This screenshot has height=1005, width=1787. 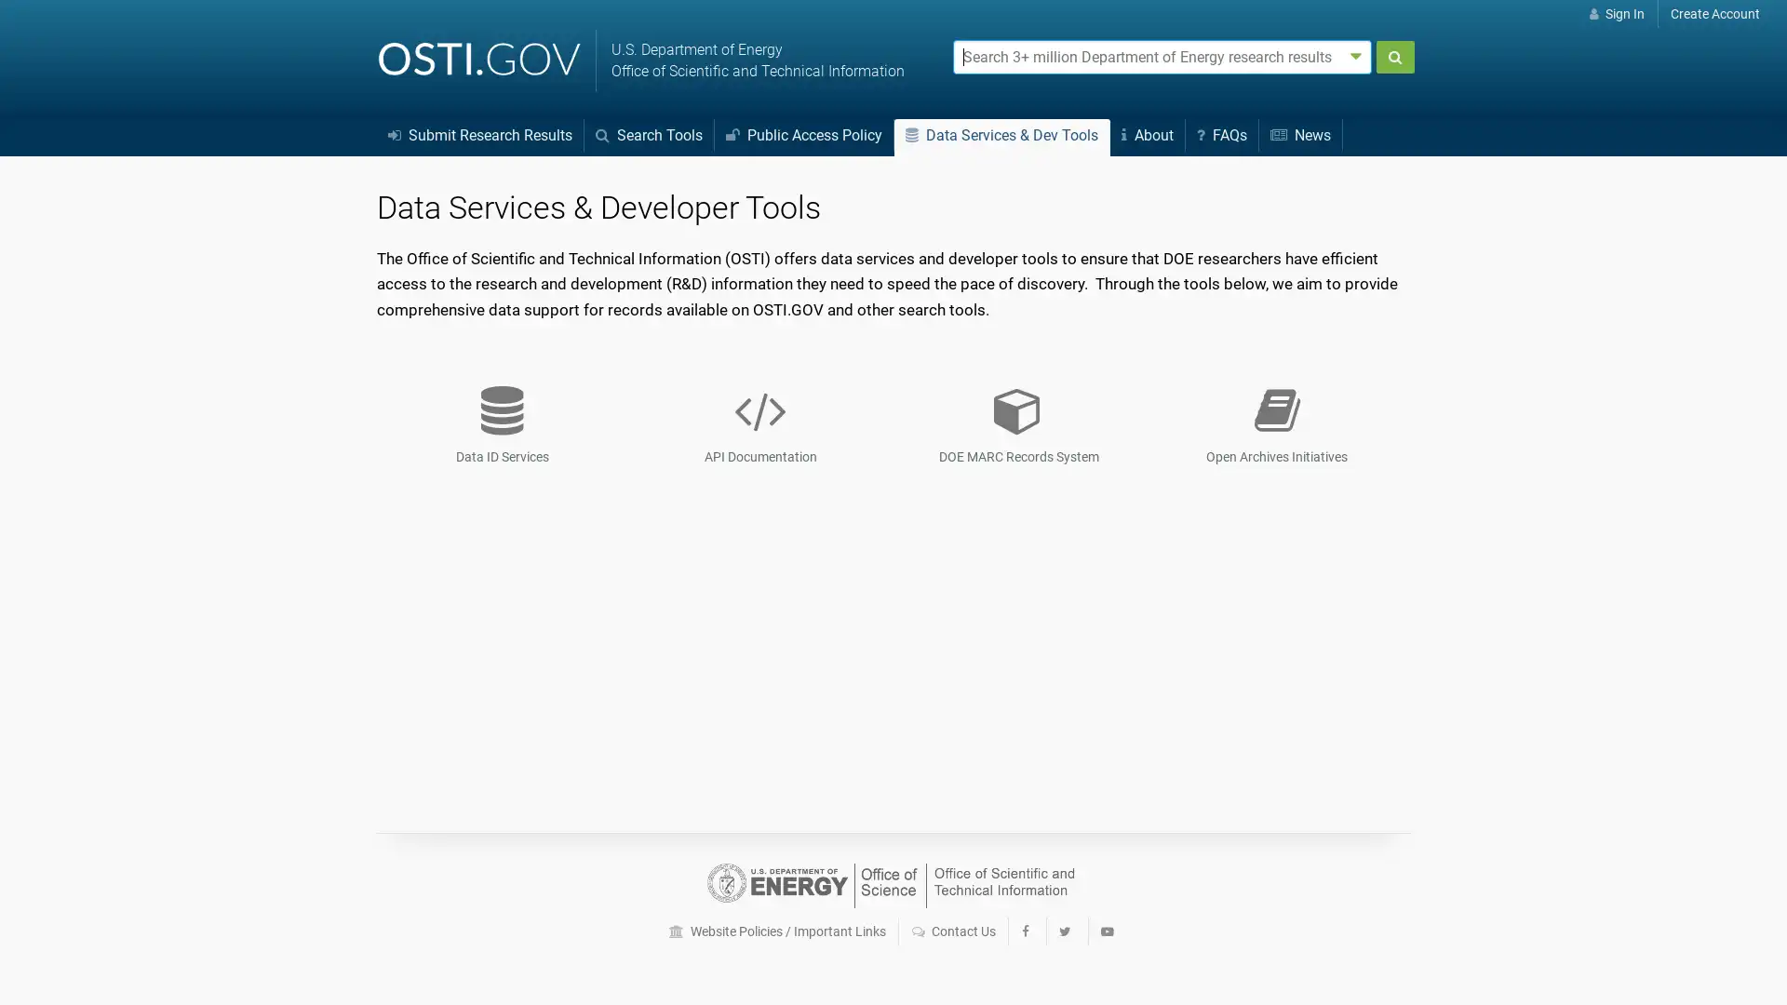 I want to click on Submit, so click(x=1394, y=56).